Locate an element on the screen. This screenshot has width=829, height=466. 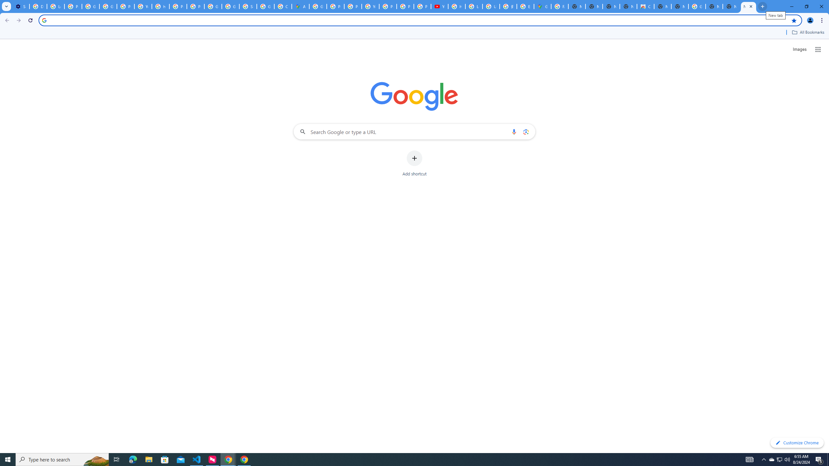
'New Tab' is located at coordinates (714, 6).